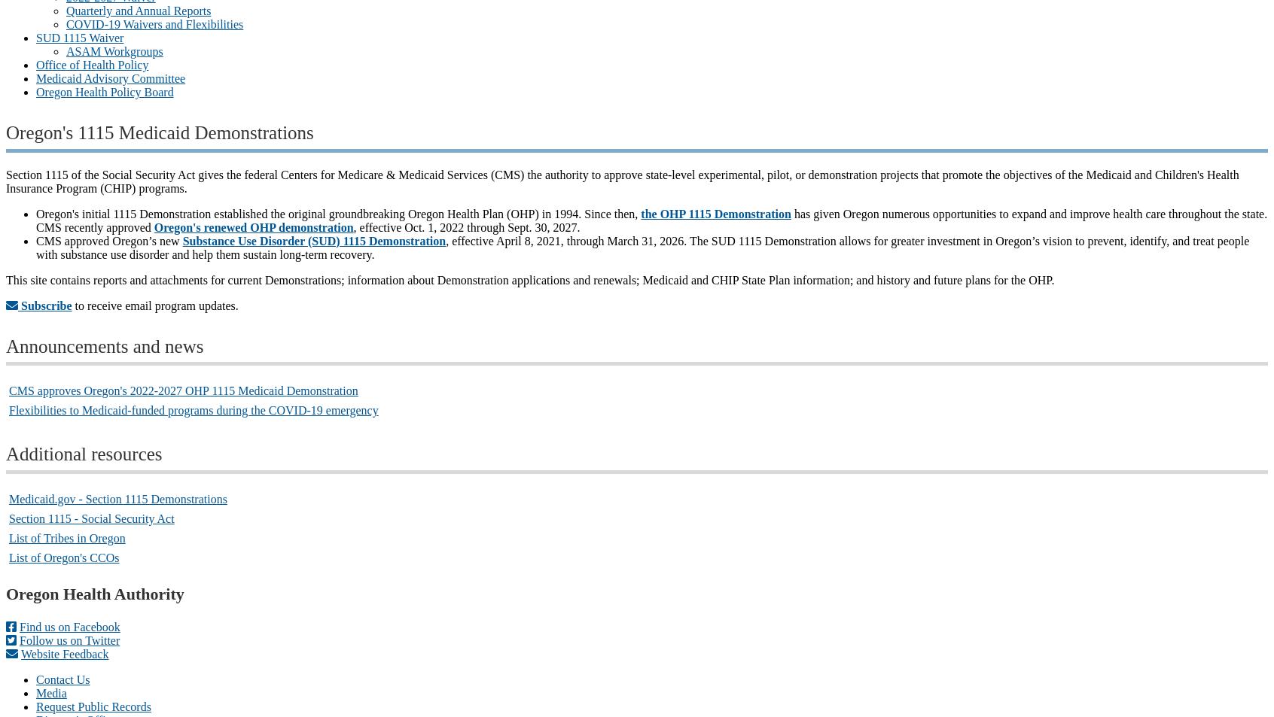  I want to click on 'List of Oregon's CCOs', so click(63, 557).